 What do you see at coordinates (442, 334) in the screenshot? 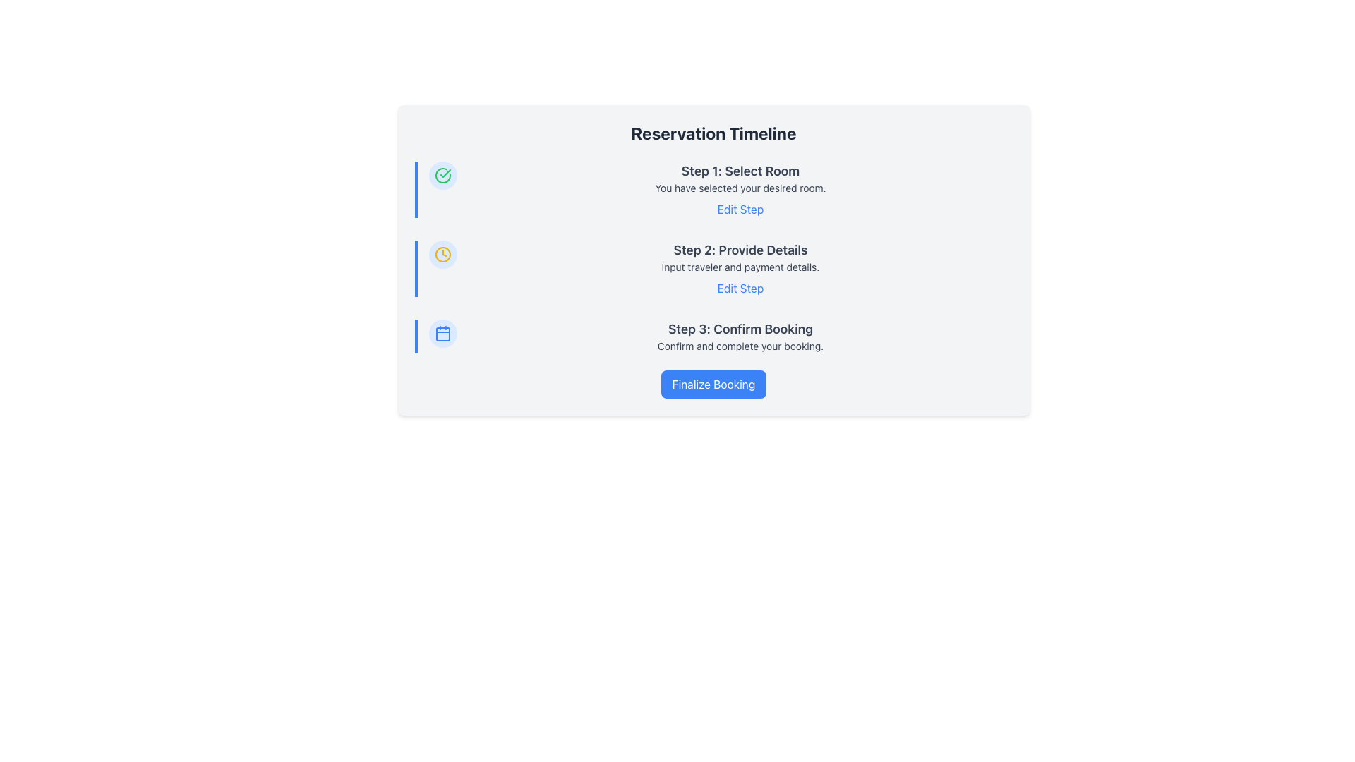
I see `the background rectangle of the calendar icon, which is the third icon in the series located beneath the checkmark and clock icons on the left-hand side of the reservation timeline` at bounding box center [442, 334].